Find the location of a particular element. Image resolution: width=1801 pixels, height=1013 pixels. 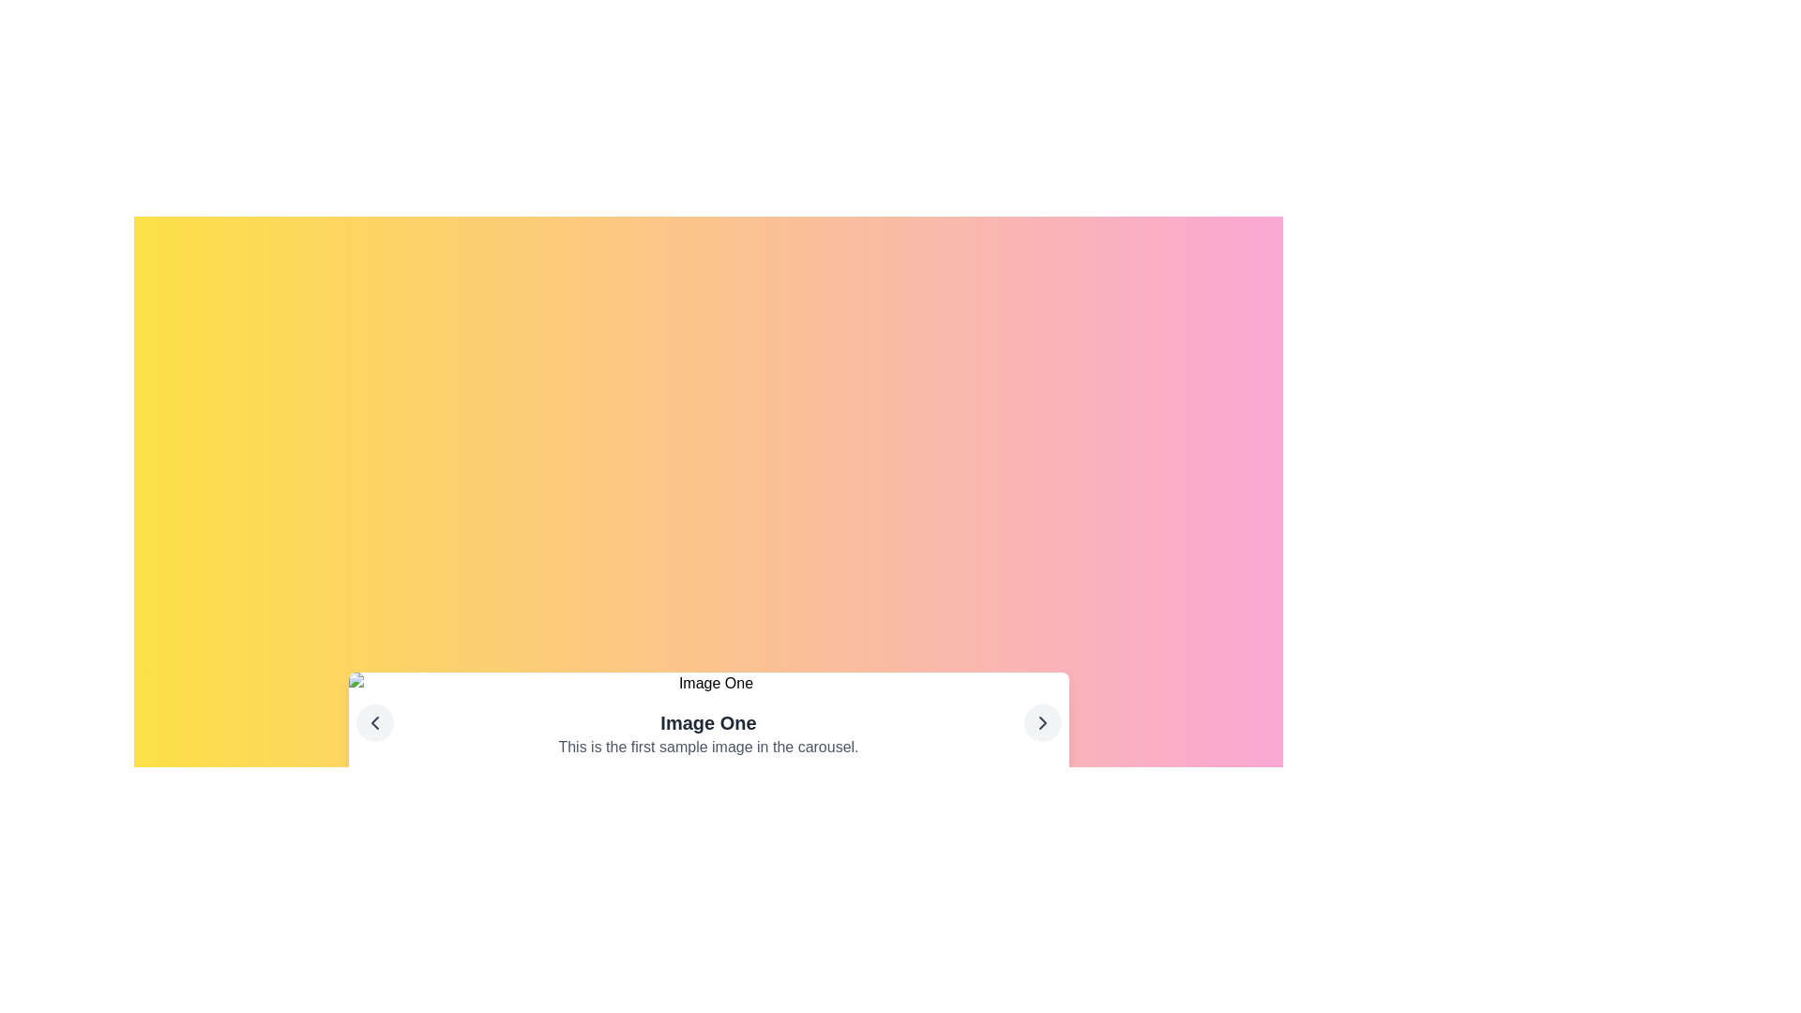

the static text element that provides additional information about the image displayed in the carousel, positioned below the title text 'Image One' is located at coordinates (707, 747).